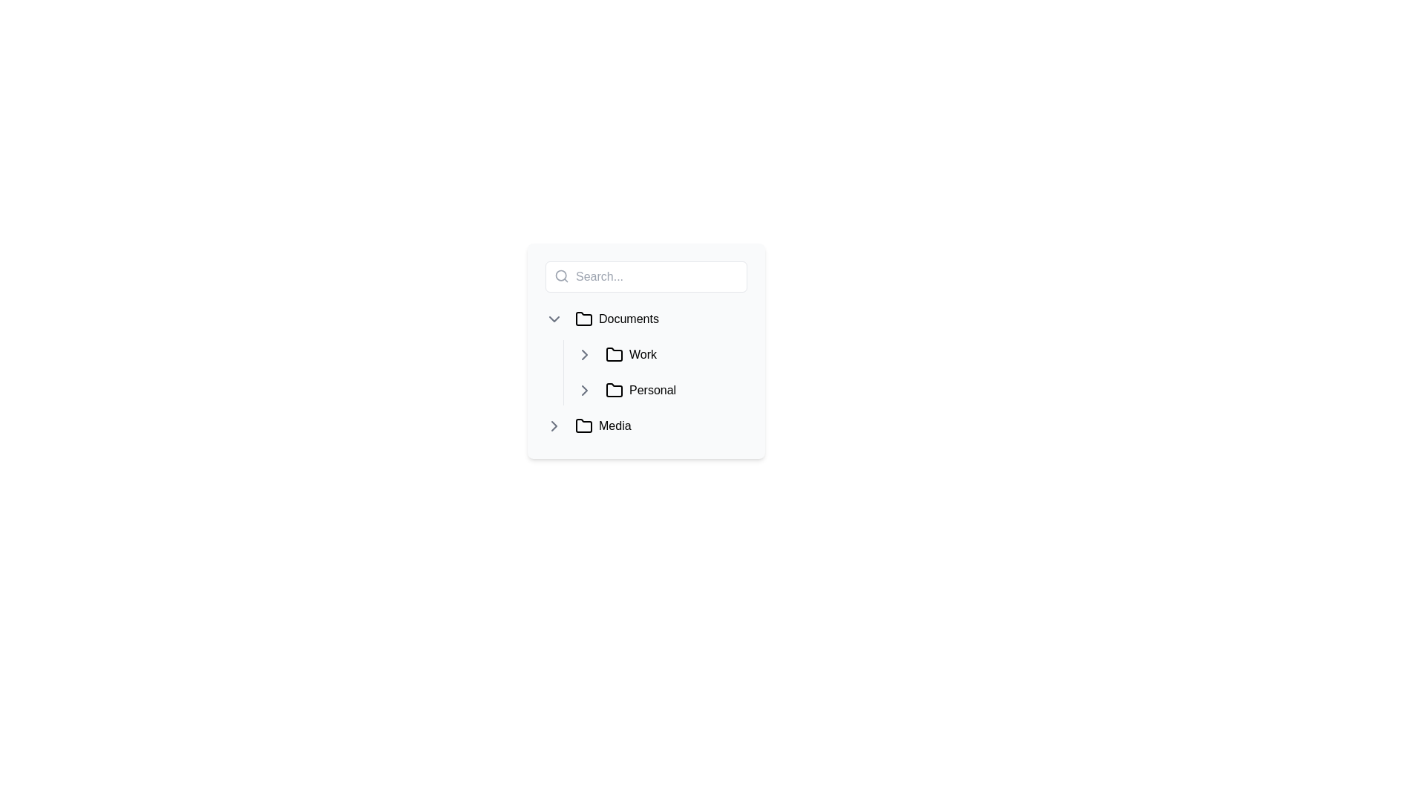  Describe the element at coordinates (629, 318) in the screenshot. I see `the 'Documents' text label in the navigational menu` at that location.